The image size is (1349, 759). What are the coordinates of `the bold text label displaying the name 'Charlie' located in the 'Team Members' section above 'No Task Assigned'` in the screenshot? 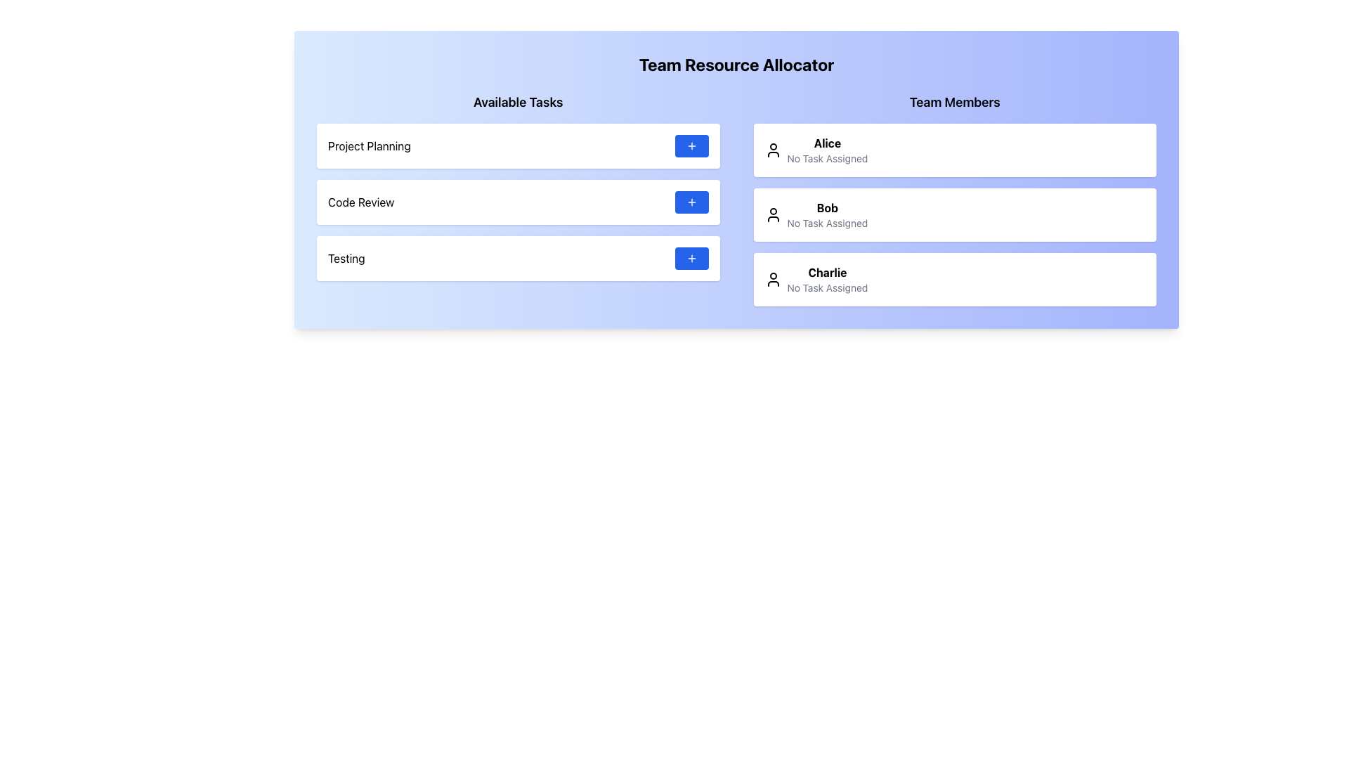 It's located at (827, 273).